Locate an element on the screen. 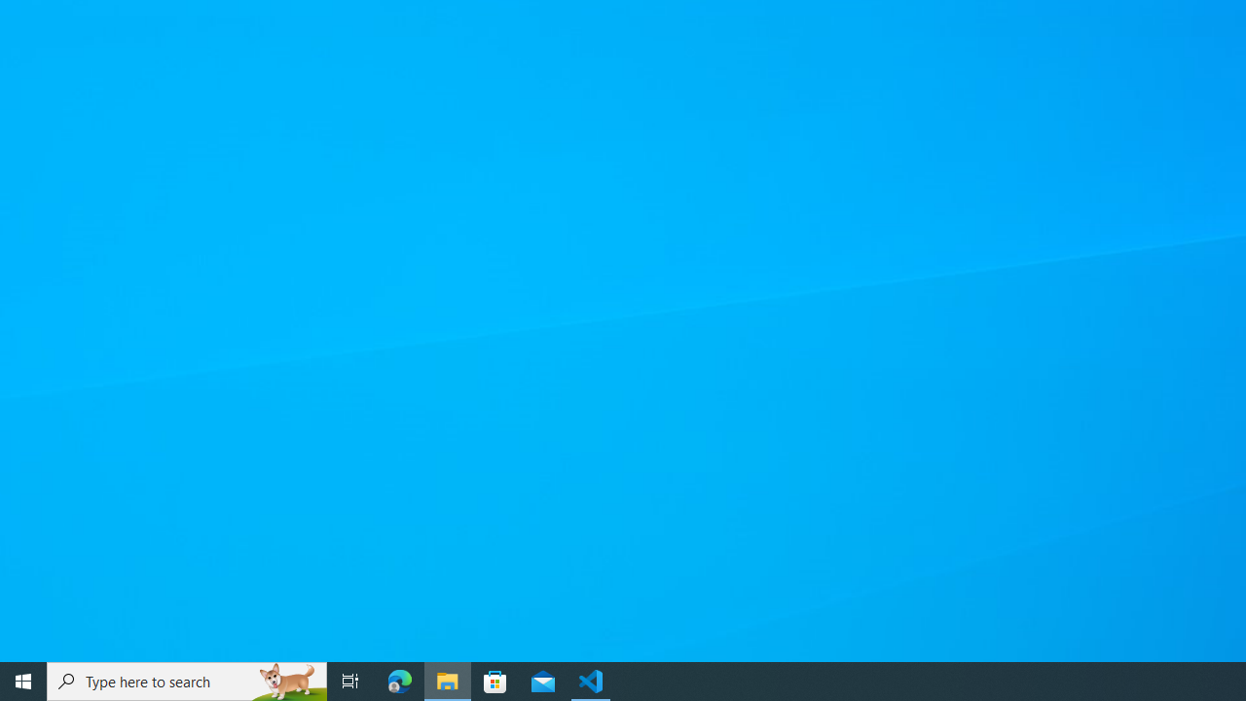 The width and height of the screenshot is (1246, 701). 'Microsoft Store' is located at coordinates (495, 680).